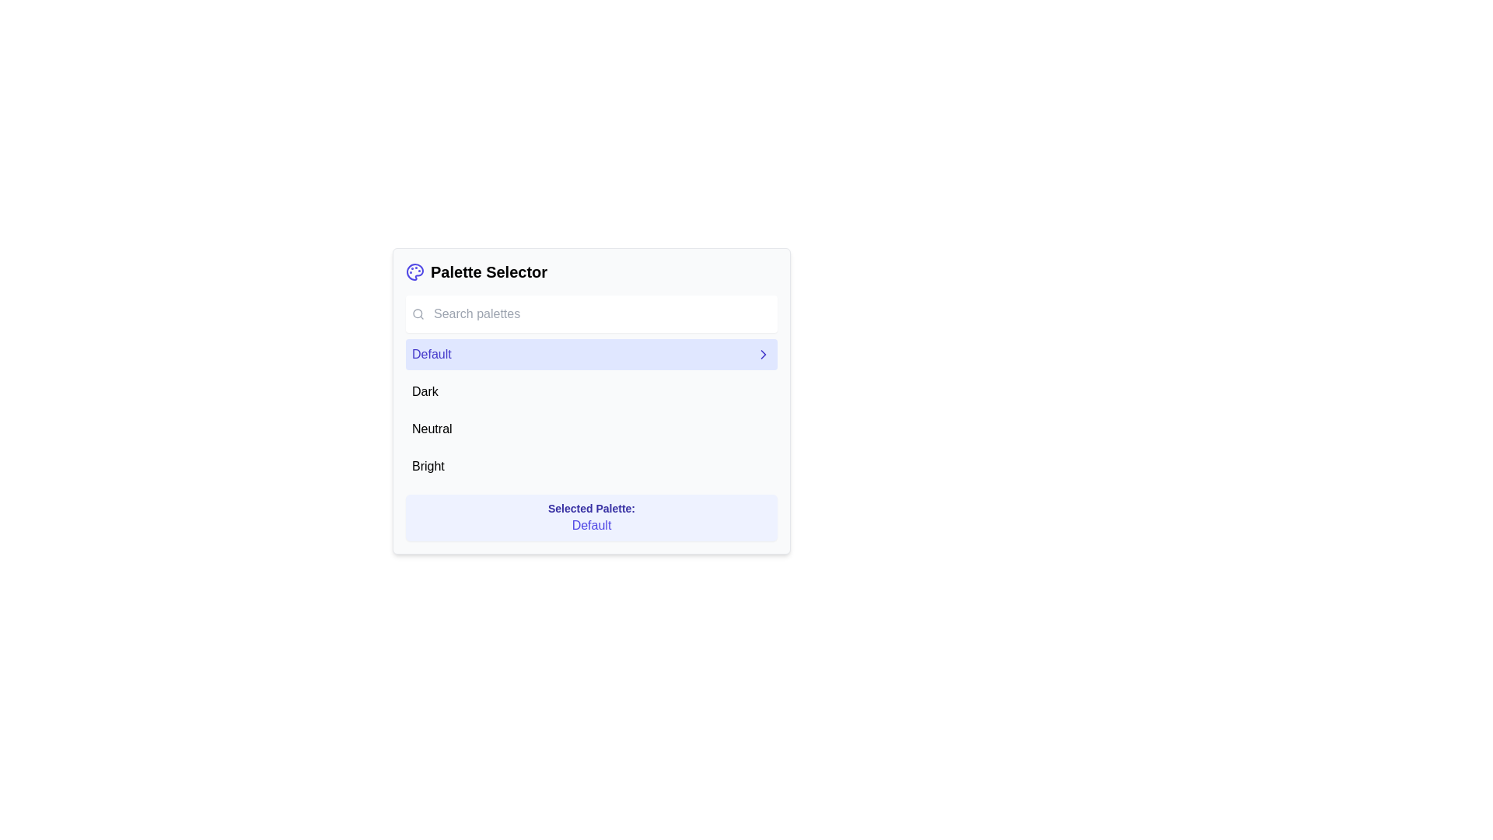  Describe the element at coordinates (591, 429) in the screenshot. I see `the 'Neutral' palette button, which is the third option in the vertically-stacked group within the 'Palette Selector' panel, located between the 'Dark' and 'Bright' options` at that location.